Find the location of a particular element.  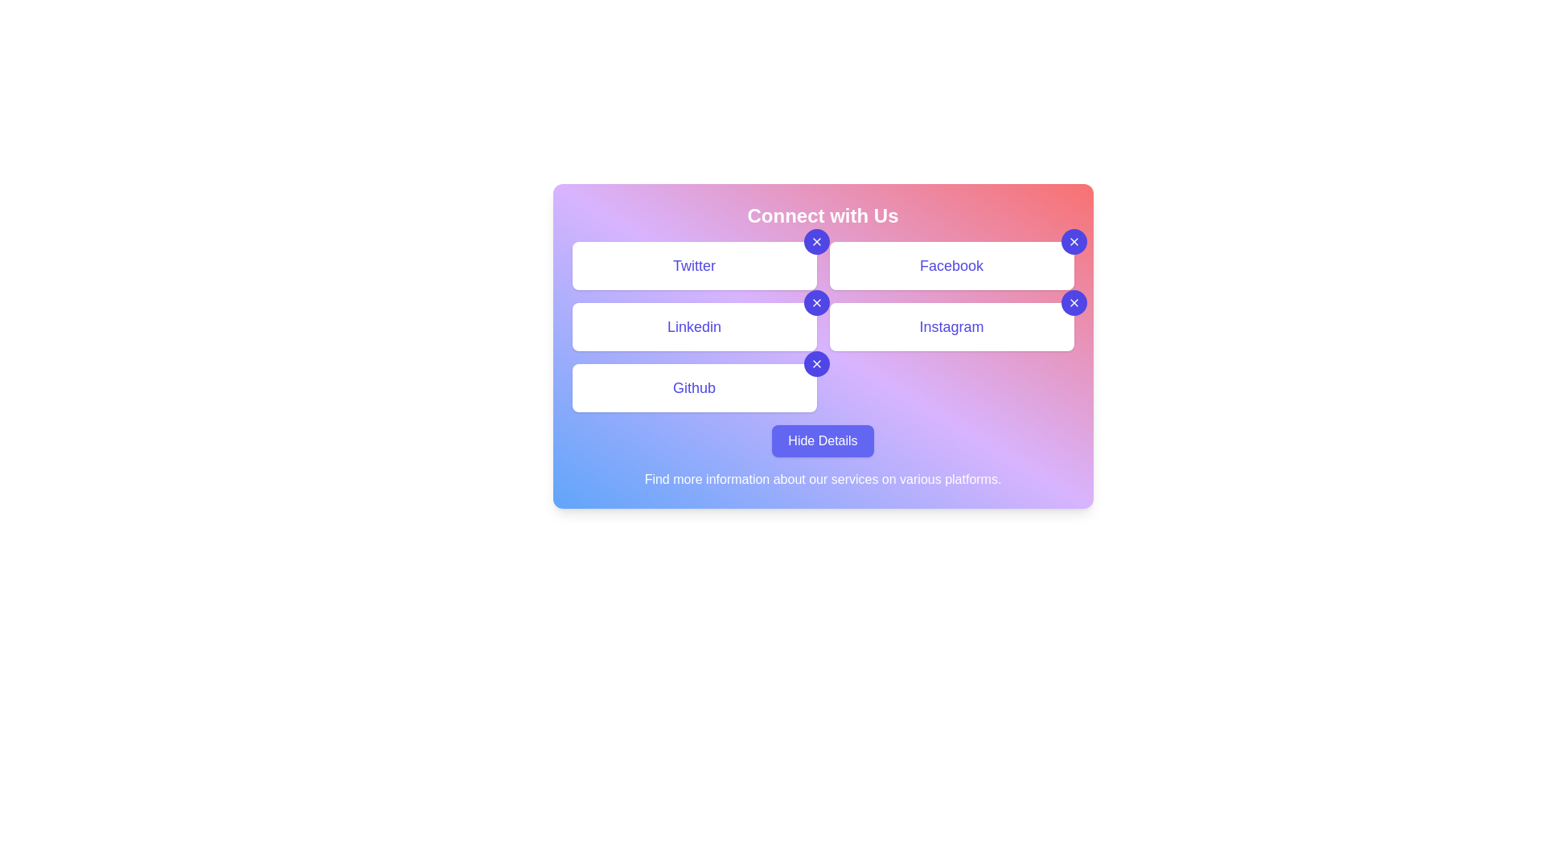

the close button located at the top-right corner of the 'Facebook' card is located at coordinates (1074, 241).